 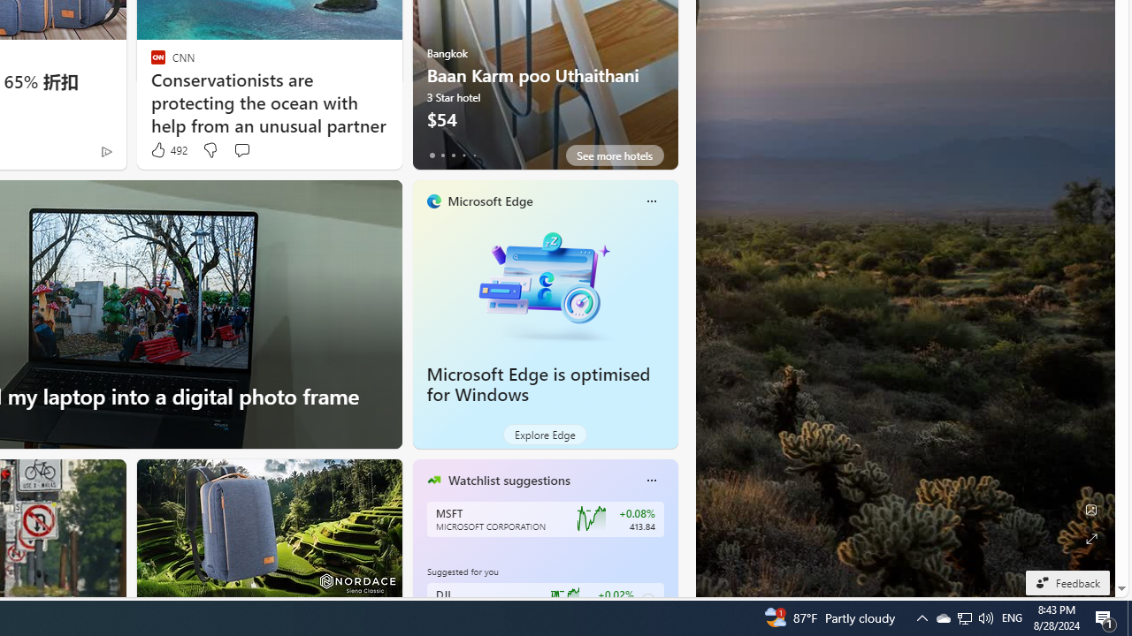 What do you see at coordinates (1090, 538) in the screenshot?
I see `'Expand background'` at bounding box center [1090, 538].